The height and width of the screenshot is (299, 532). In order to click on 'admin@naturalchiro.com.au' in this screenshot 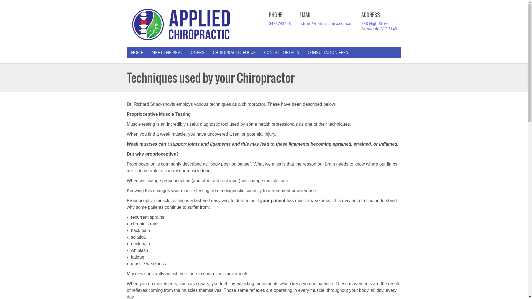, I will do `click(299, 23)`.